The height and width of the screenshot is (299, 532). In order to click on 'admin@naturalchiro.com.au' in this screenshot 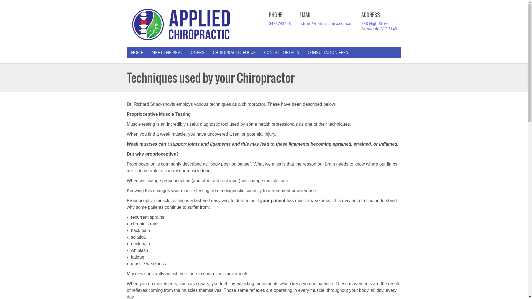, I will do `click(299, 23)`.